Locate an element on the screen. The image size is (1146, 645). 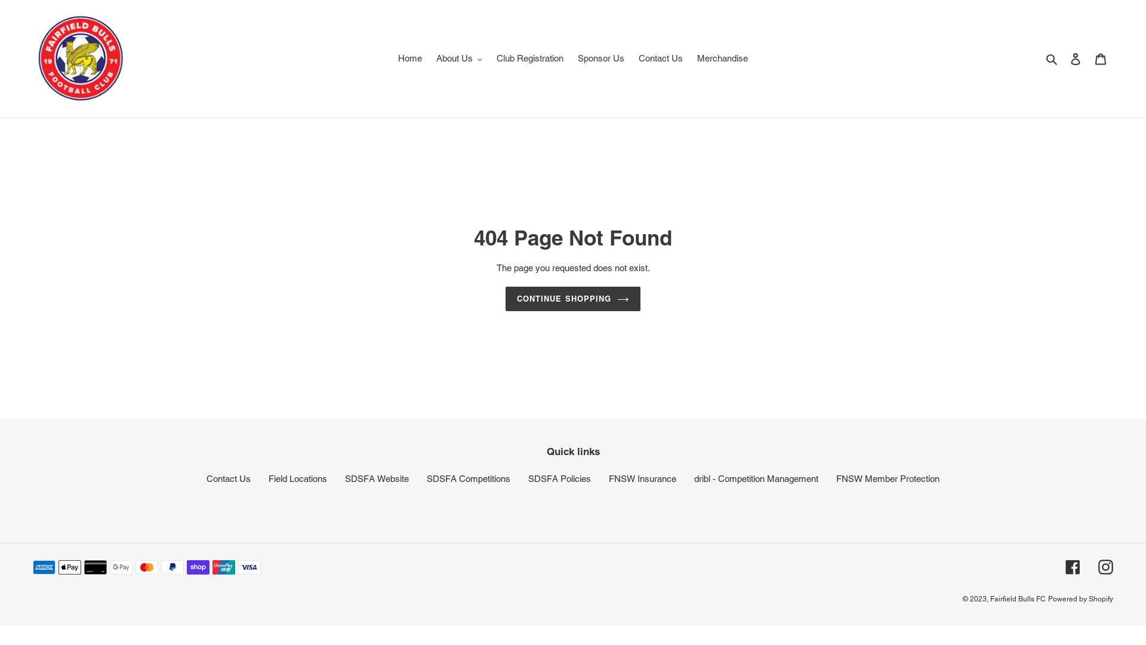
'Log in' is located at coordinates (1075, 59).